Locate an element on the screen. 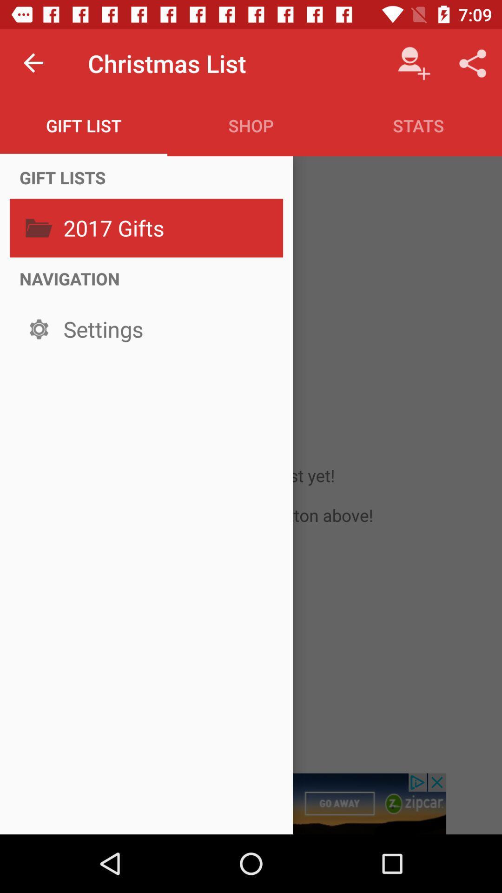  the shop icon is located at coordinates (251, 125).